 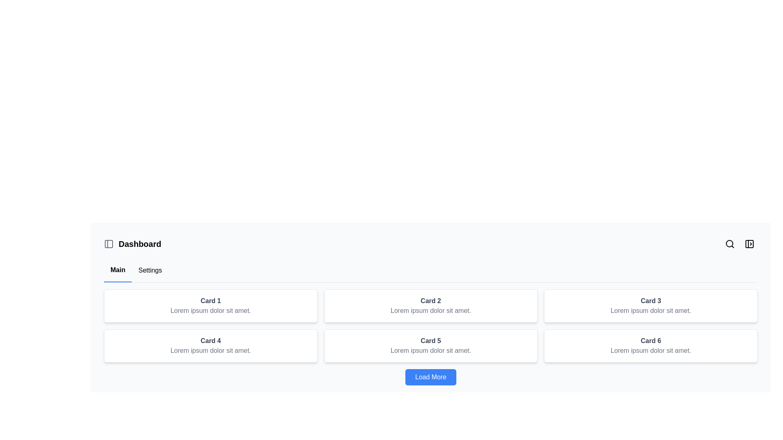 I want to click on the button used to toggle the left-side panel, which is the last button on the right side of the top navigation bar, adjacent to the search icon, so click(x=750, y=243).